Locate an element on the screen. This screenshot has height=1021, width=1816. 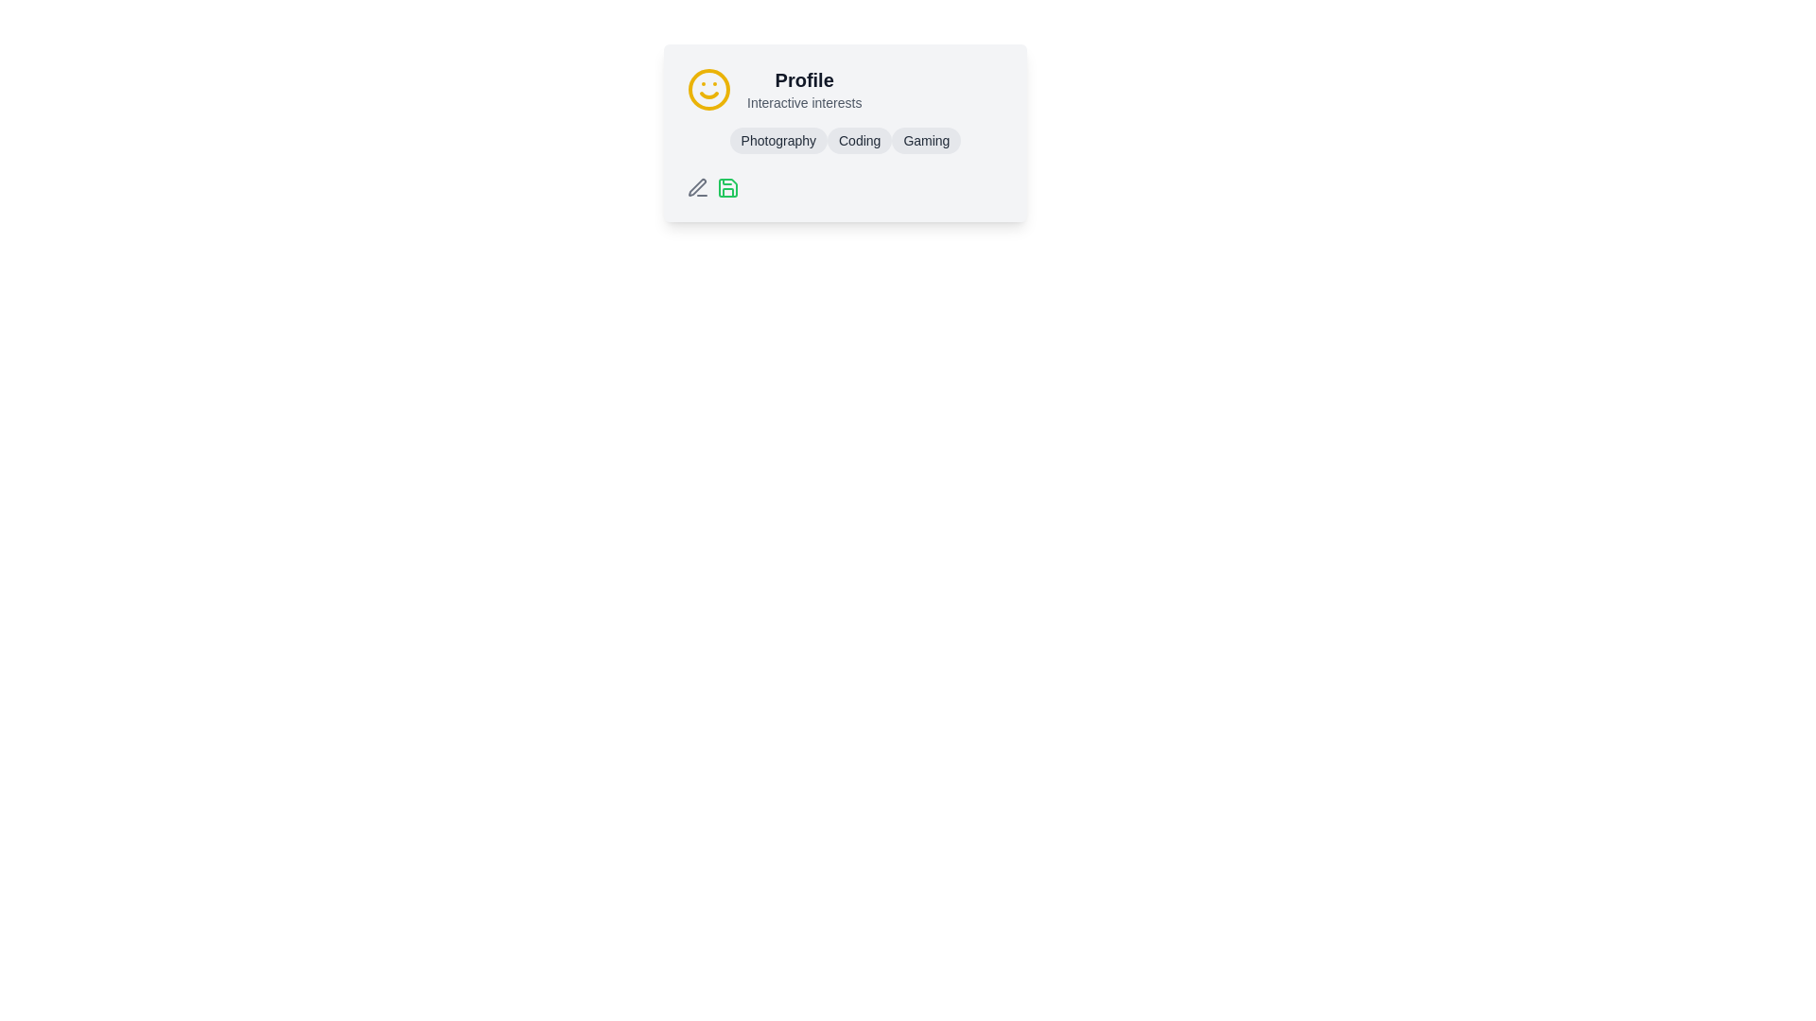
the pen-shaped graphical icon representing edit functionality located in the bottom-left section of the profile card interface is located at coordinates (696, 187).